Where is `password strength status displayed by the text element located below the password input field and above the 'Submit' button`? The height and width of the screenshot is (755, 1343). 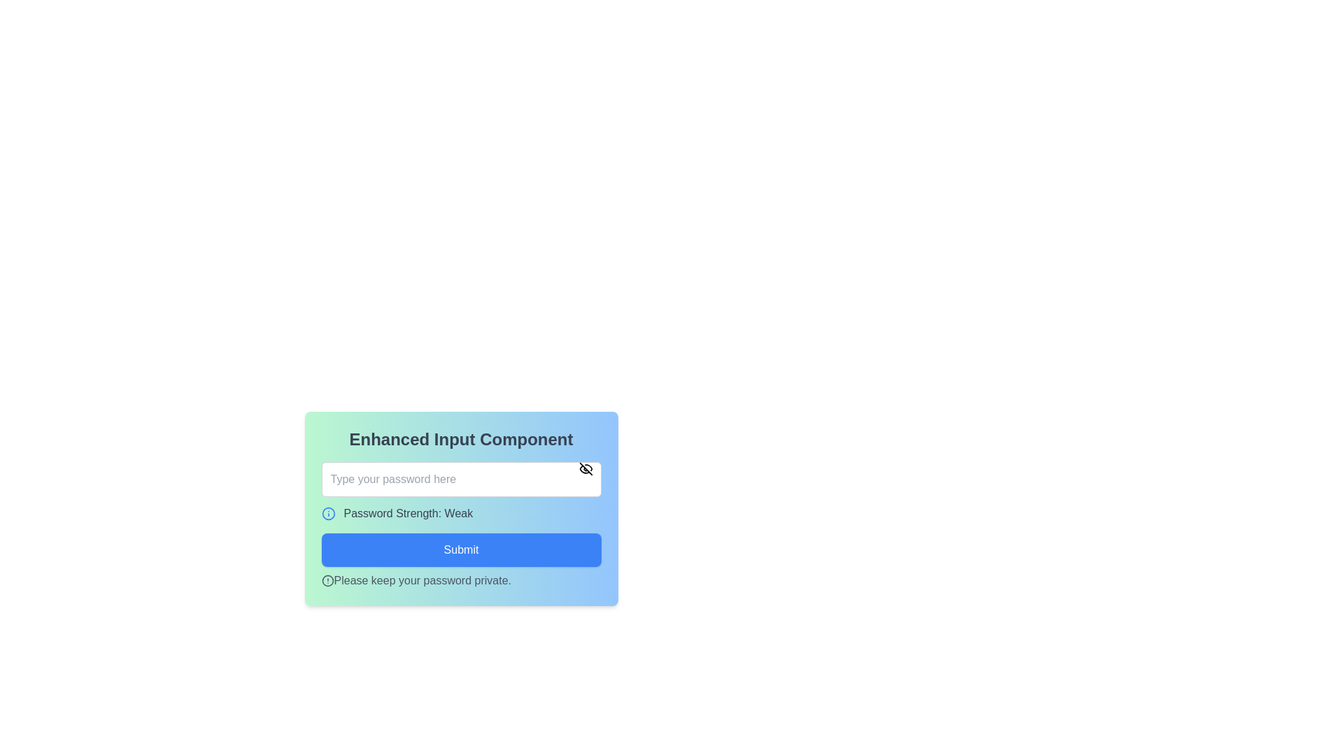
password strength status displayed by the text element located below the password input field and above the 'Submit' button is located at coordinates (461, 514).